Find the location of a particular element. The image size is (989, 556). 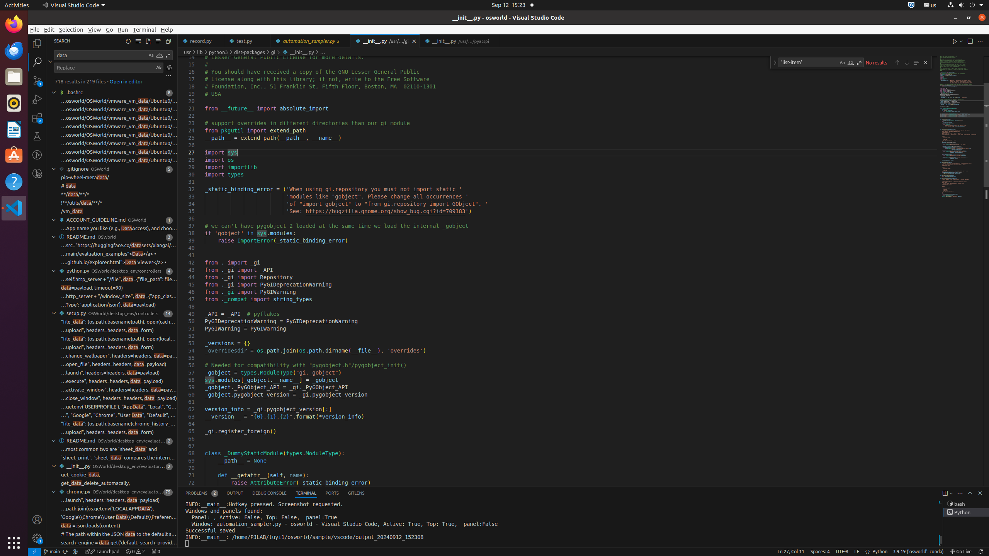

'' response = requests.post(self.http_server + "/setup" + "/close_window", headers=headers, data=payload)' is located at coordinates (112, 398).